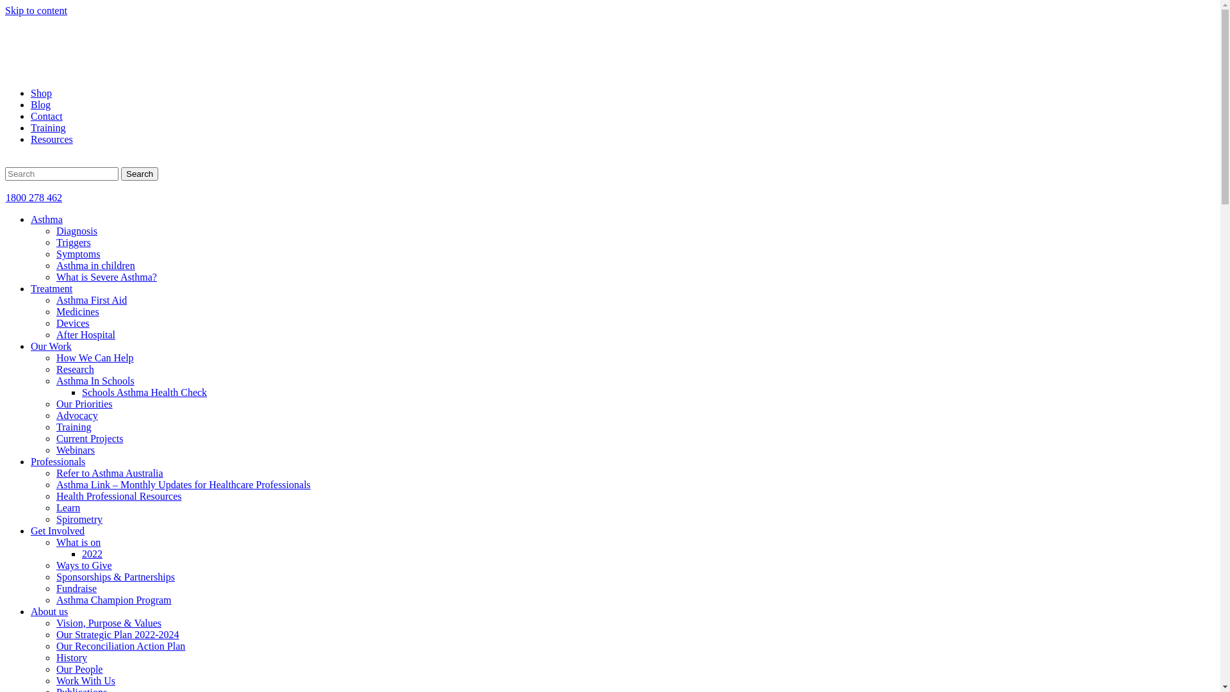 This screenshot has height=692, width=1230. What do you see at coordinates (46, 116) in the screenshot?
I see `'Contact'` at bounding box center [46, 116].